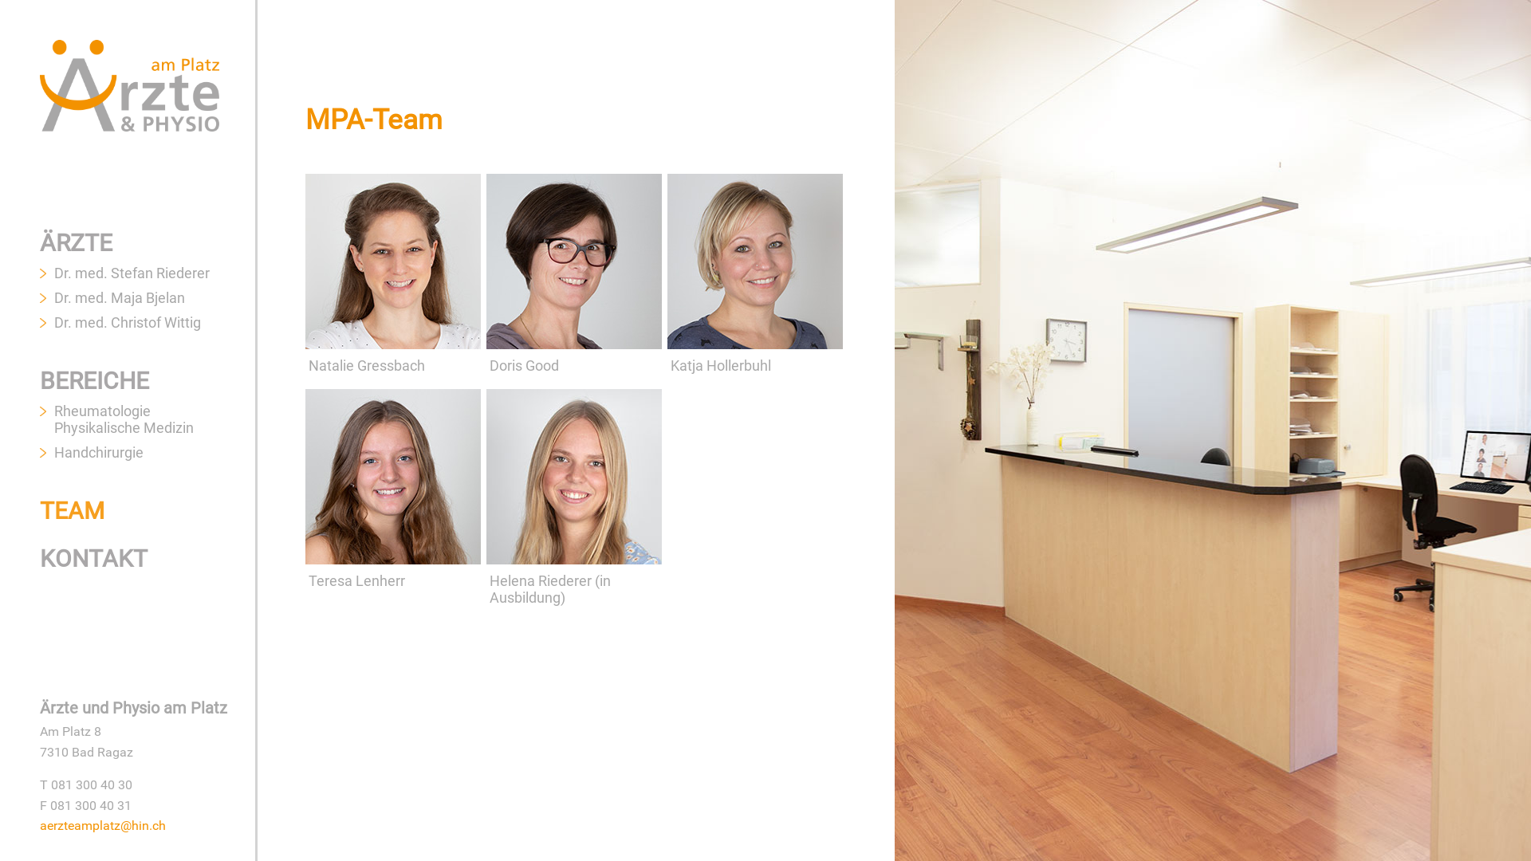 This screenshot has width=1531, height=861. Describe the element at coordinates (132, 272) in the screenshot. I see `'Dr. med. Stefan Riederer'` at that location.